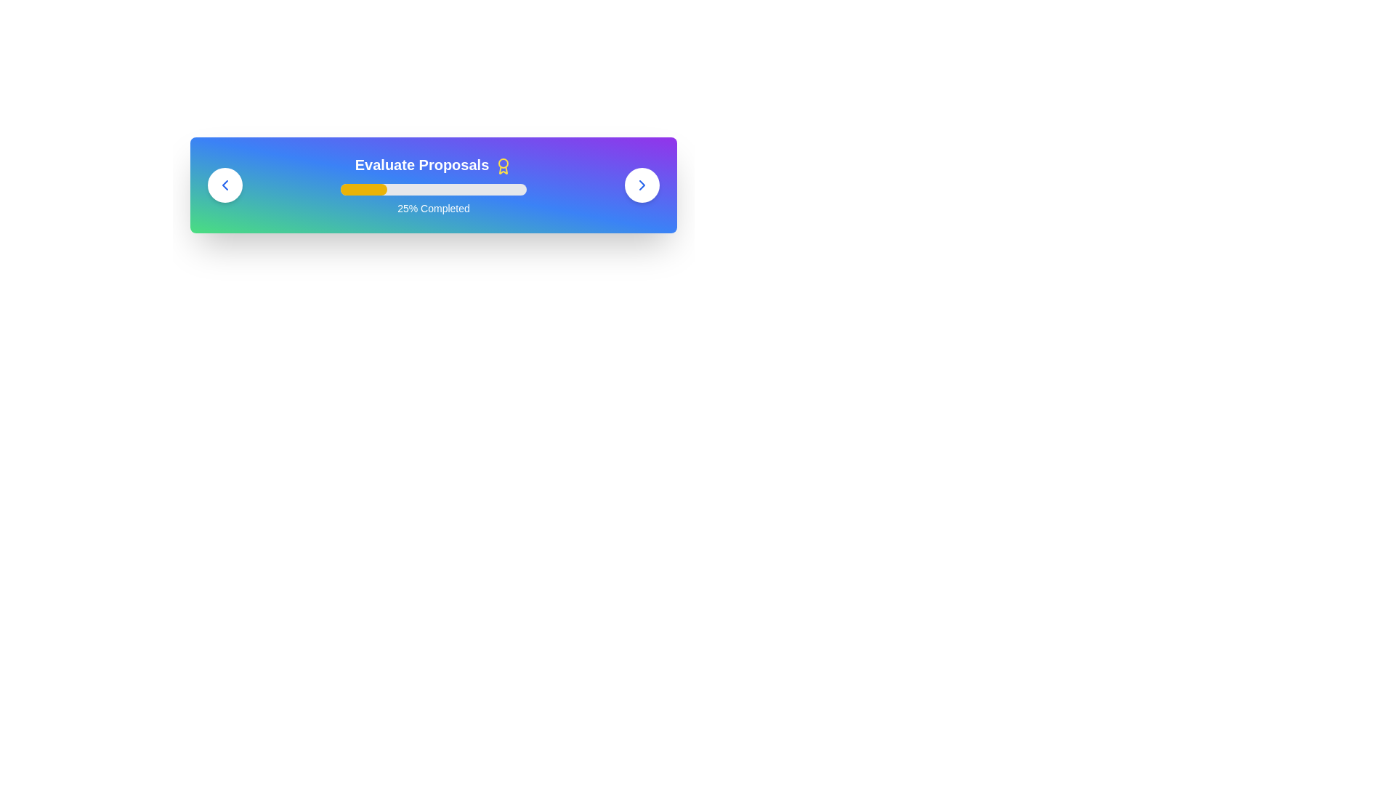  What do you see at coordinates (432, 184) in the screenshot?
I see `layout of the Progress Indicator with Text Information, which shows the activity 'Evaluate Proposals' and indicates '25% Completed'` at bounding box center [432, 184].